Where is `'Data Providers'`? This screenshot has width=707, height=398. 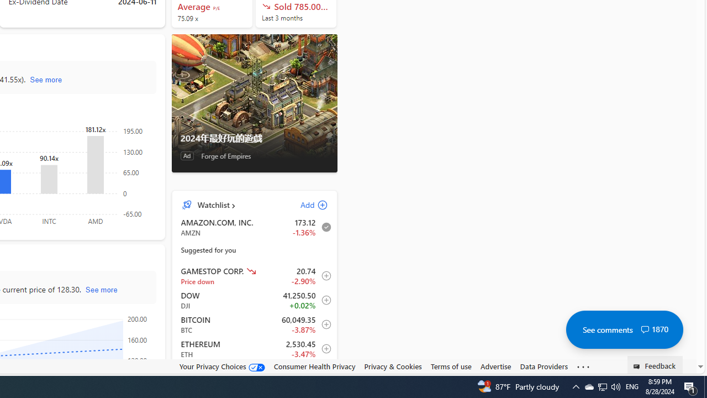
'Data Providers' is located at coordinates (544, 366).